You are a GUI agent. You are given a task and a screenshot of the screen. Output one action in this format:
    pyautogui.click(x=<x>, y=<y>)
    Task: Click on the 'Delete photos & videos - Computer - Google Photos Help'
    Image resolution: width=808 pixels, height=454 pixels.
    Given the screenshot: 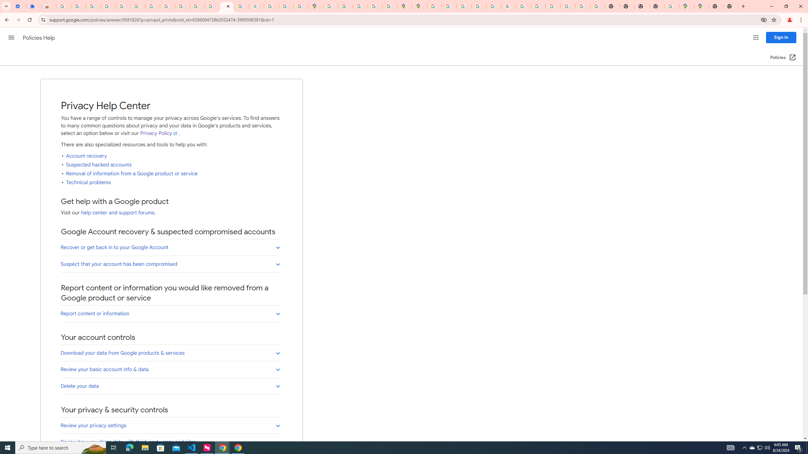 What is the action you would take?
    pyautogui.click(x=78, y=6)
    